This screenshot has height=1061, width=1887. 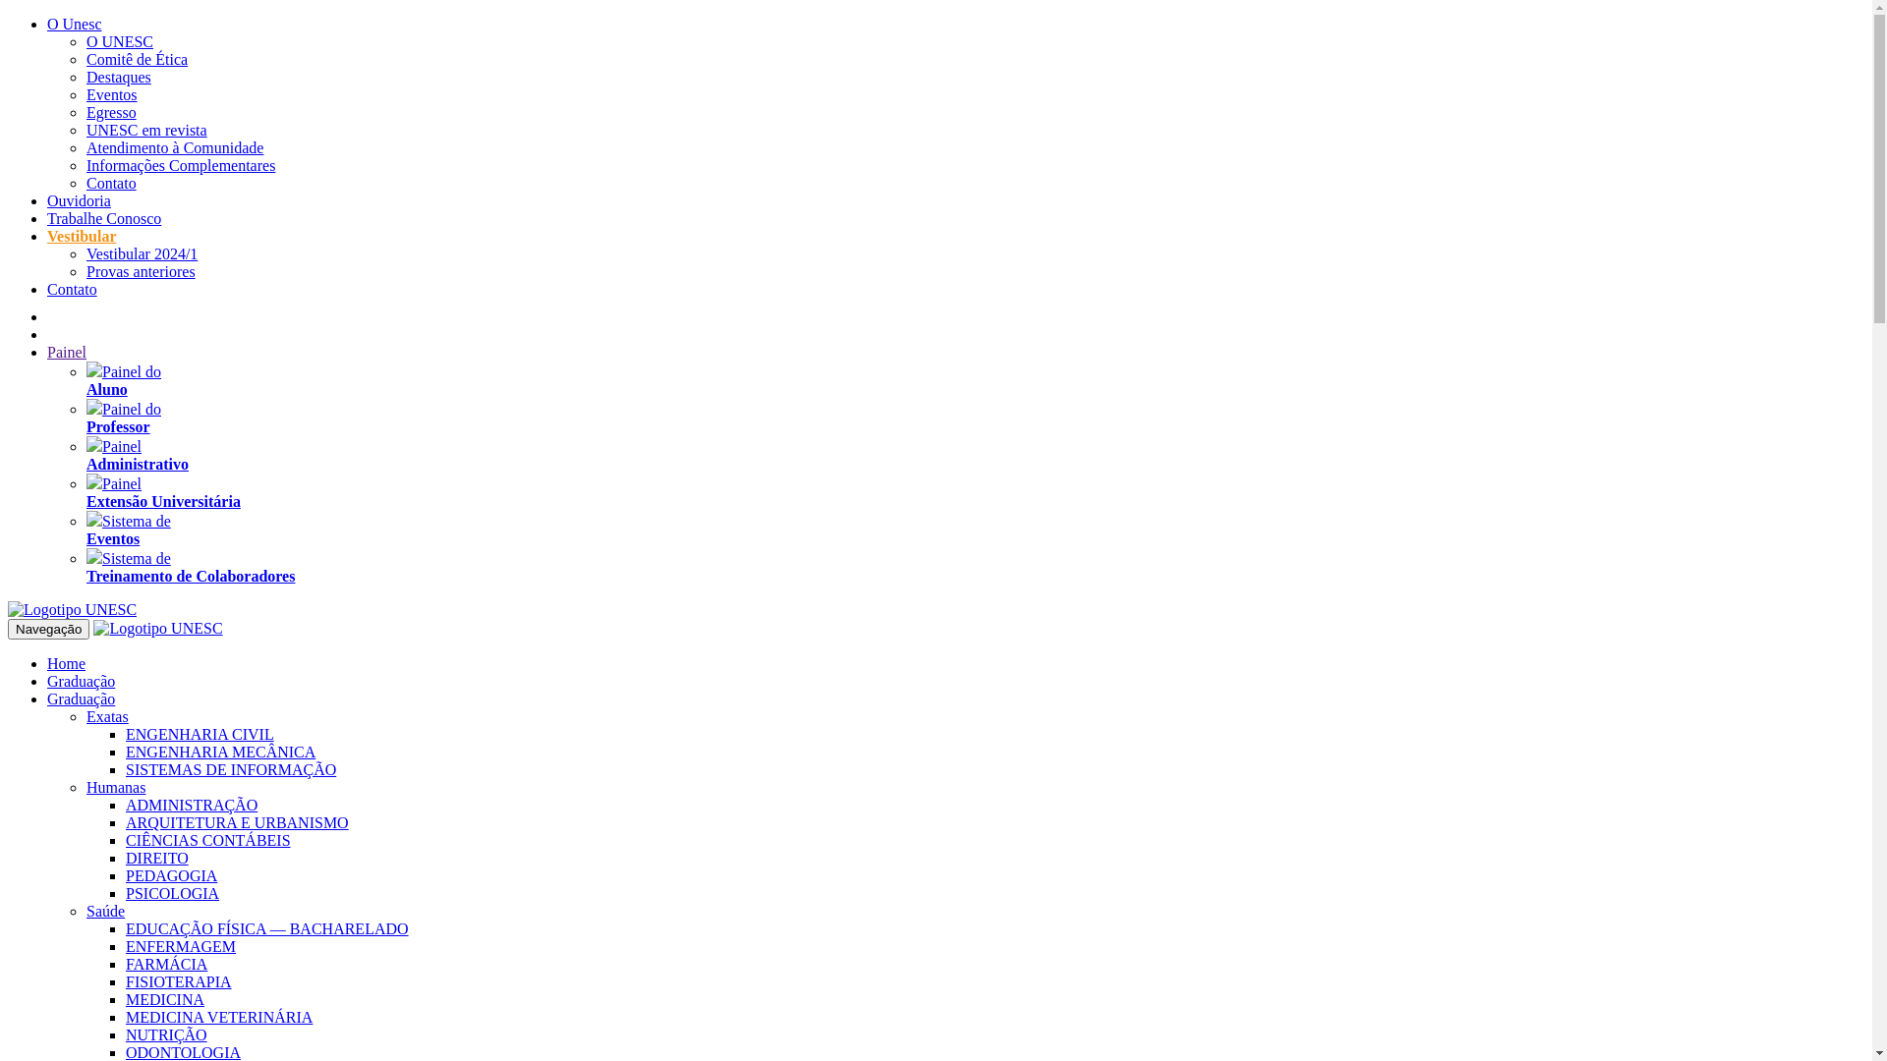 I want to click on 'Home', so click(x=47, y=663).